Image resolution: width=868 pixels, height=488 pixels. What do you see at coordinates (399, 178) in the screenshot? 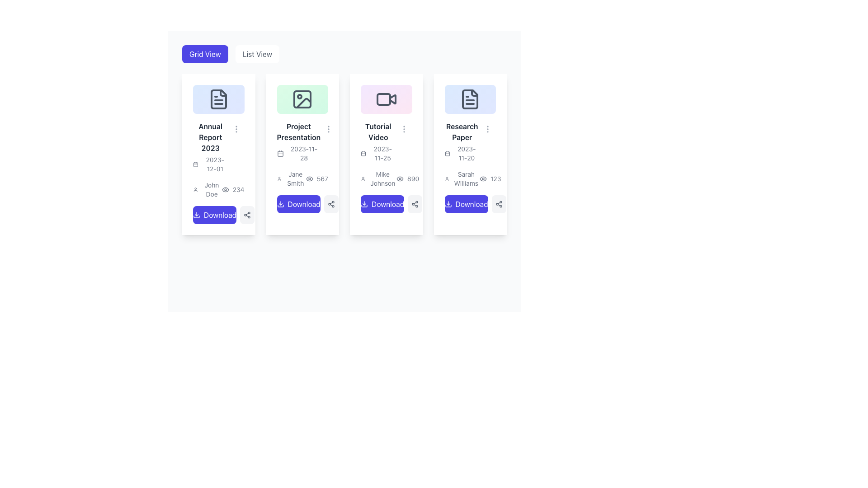
I see `the view count icon for the 'Tutorial Video' which is positioned left of the number '890', below 'Mike Johnson', and above the 'Download' button` at bounding box center [399, 178].